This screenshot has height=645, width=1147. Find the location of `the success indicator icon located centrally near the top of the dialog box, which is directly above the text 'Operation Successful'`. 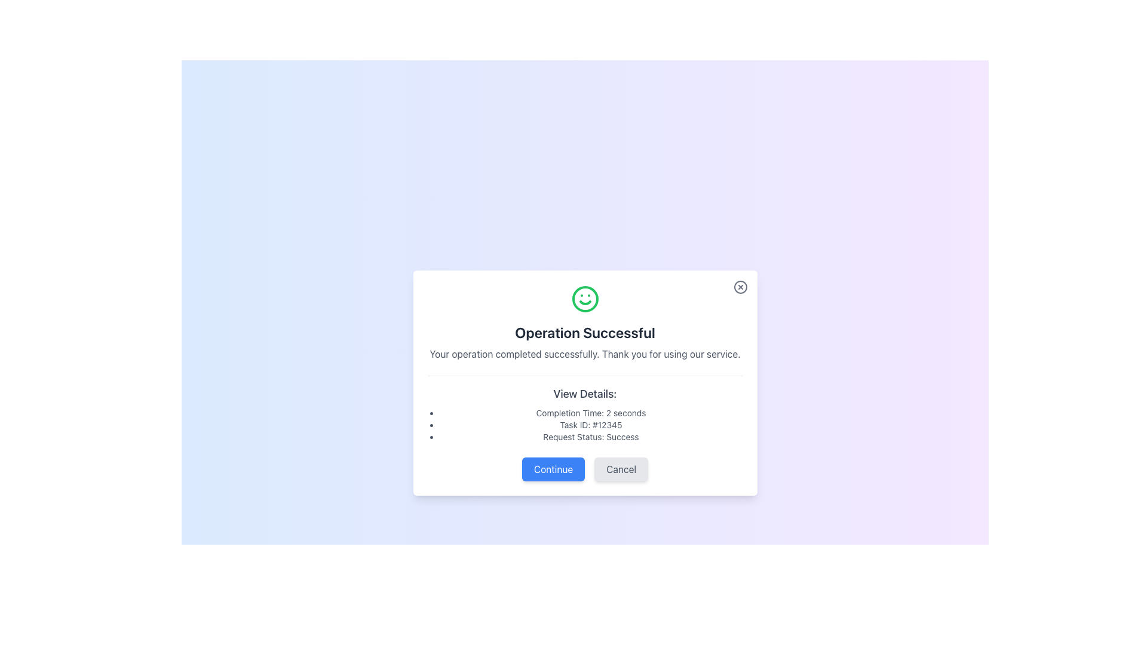

the success indicator icon located centrally near the top of the dialog box, which is directly above the text 'Operation Successful' is located at coordinates (585, 298).